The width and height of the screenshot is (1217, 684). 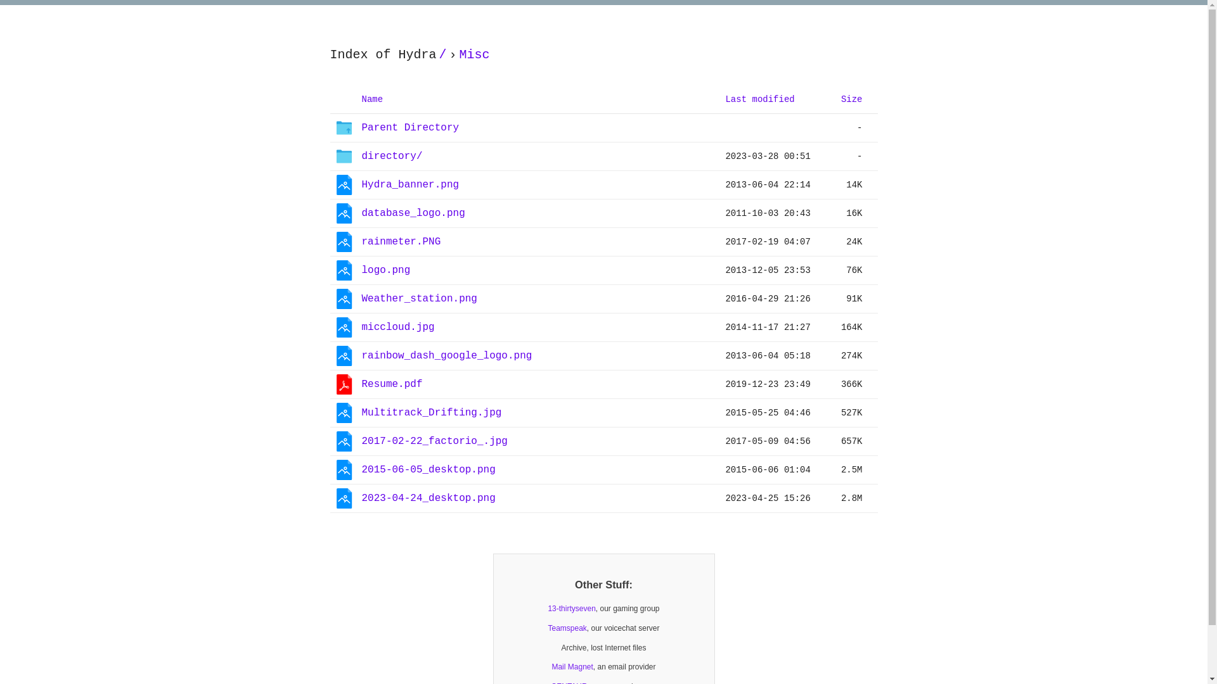 What do you see at coordinates (391, 156) in the screenshot?
I see `'directory/'` at bounding box center [391, 156].